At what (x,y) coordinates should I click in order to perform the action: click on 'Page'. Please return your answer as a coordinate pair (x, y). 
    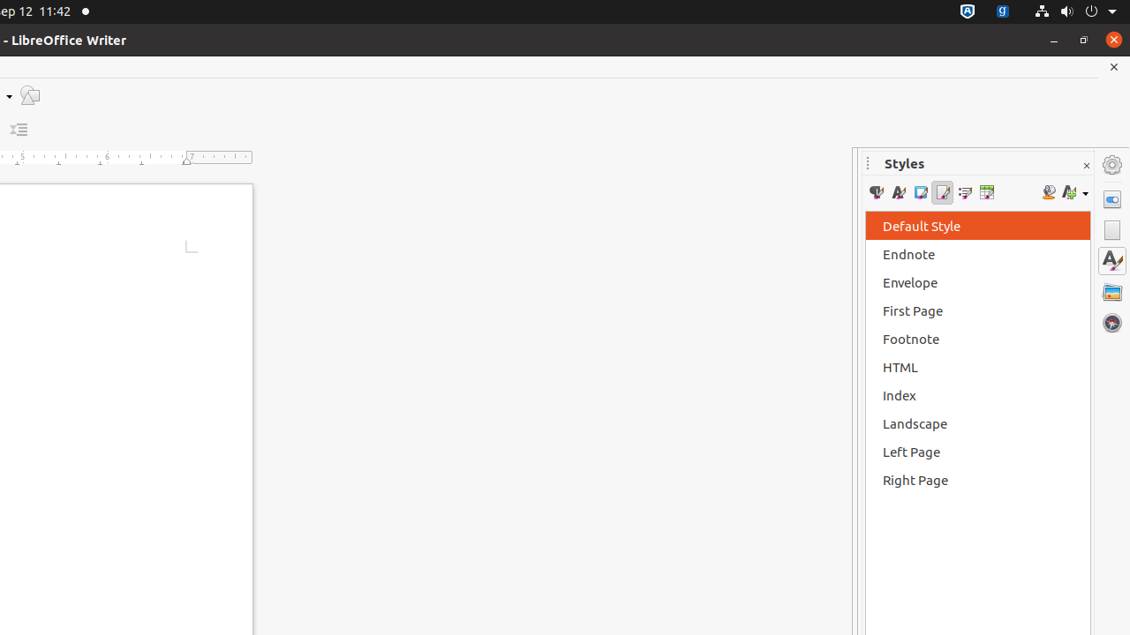
    Looking at the image, I should click on (1111, 229).